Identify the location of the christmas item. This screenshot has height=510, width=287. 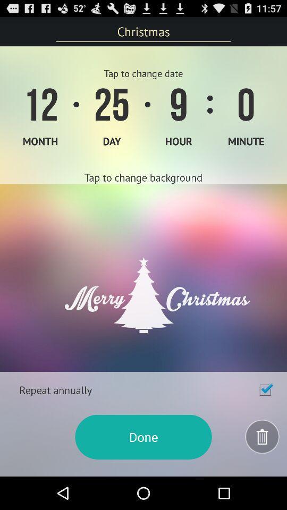
(143, 31).